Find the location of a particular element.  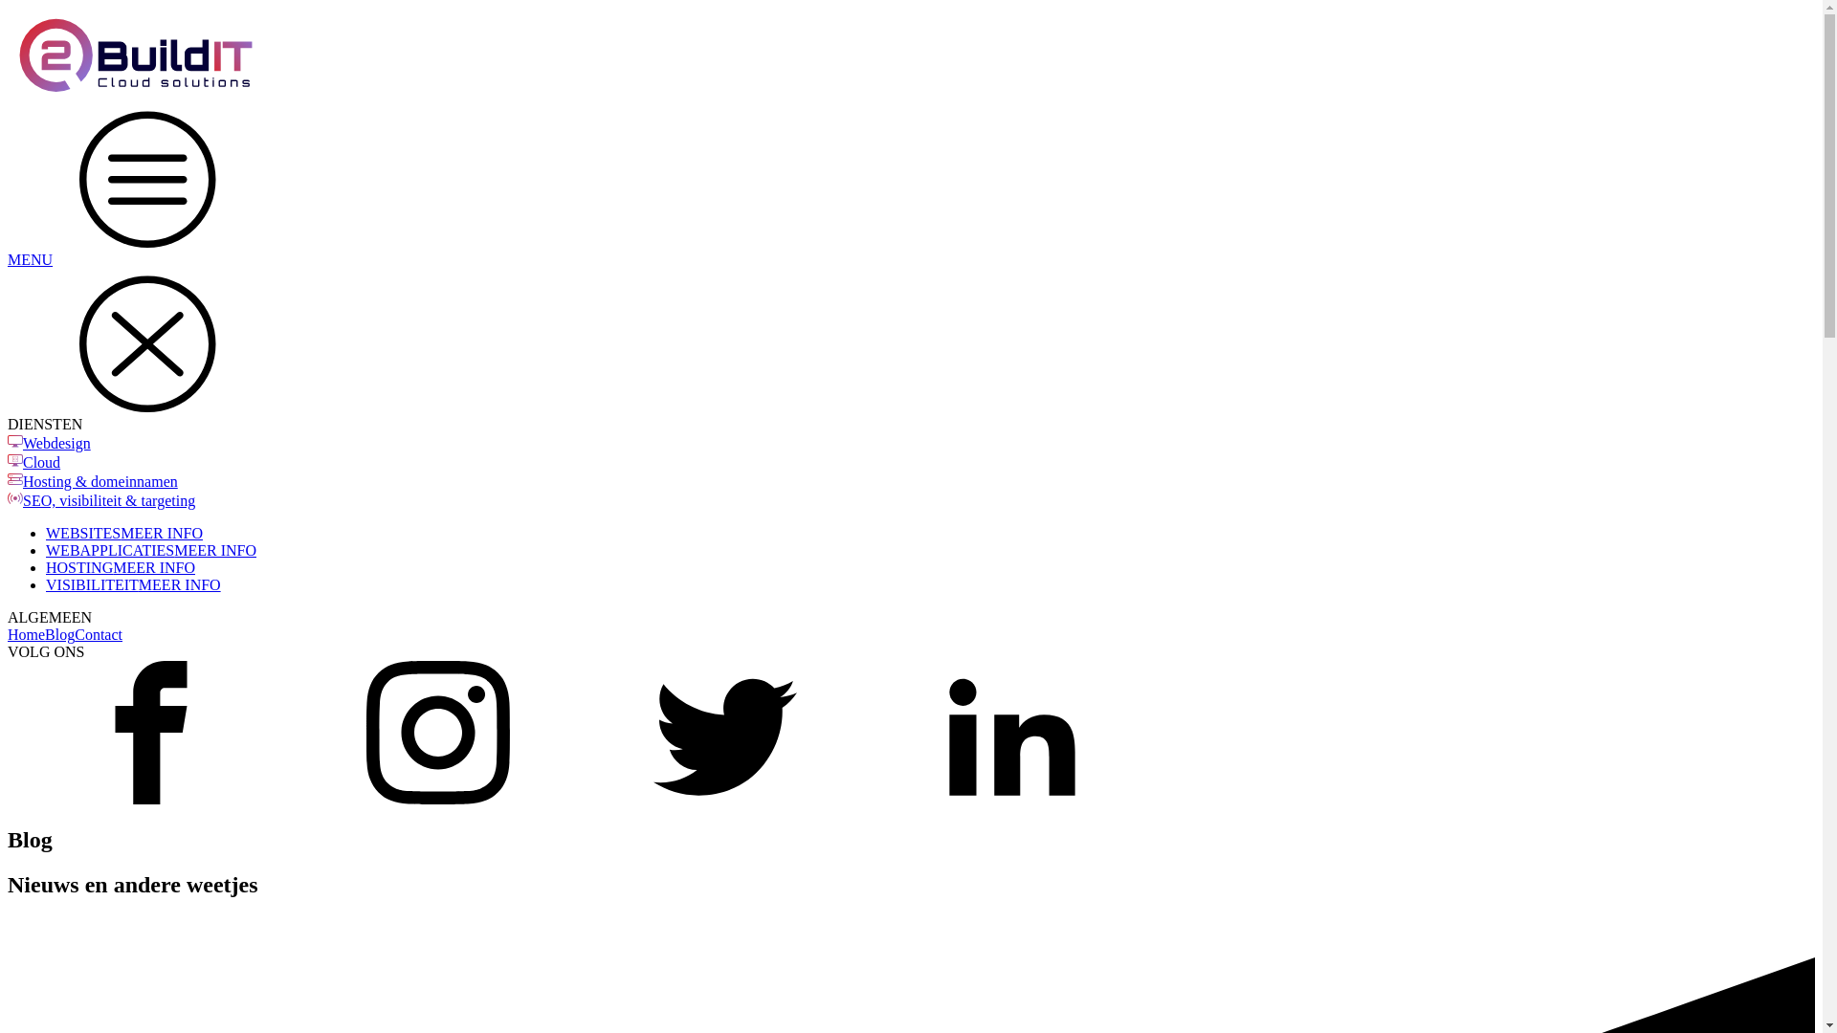

'MEER INFO' is located at coordinates (137, 583).